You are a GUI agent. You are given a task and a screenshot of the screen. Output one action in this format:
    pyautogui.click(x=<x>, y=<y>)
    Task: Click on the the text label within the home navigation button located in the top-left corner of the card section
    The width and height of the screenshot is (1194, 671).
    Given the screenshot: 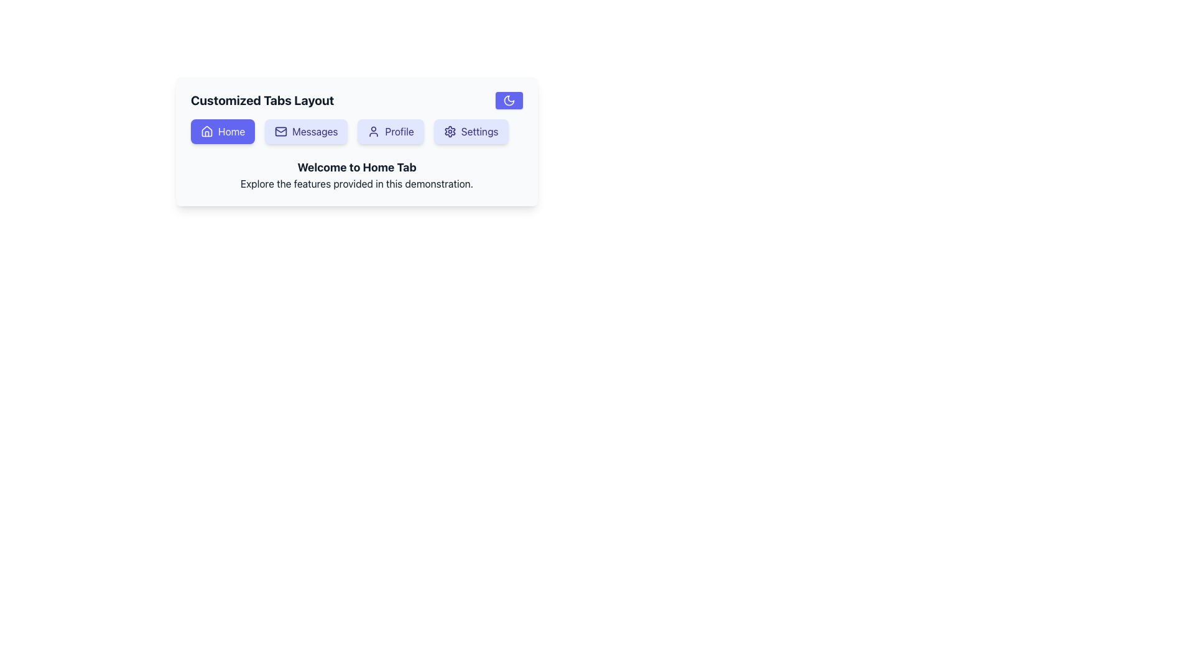 What is the action you would take?
    pyautogui.click(x=231, y=132)
    